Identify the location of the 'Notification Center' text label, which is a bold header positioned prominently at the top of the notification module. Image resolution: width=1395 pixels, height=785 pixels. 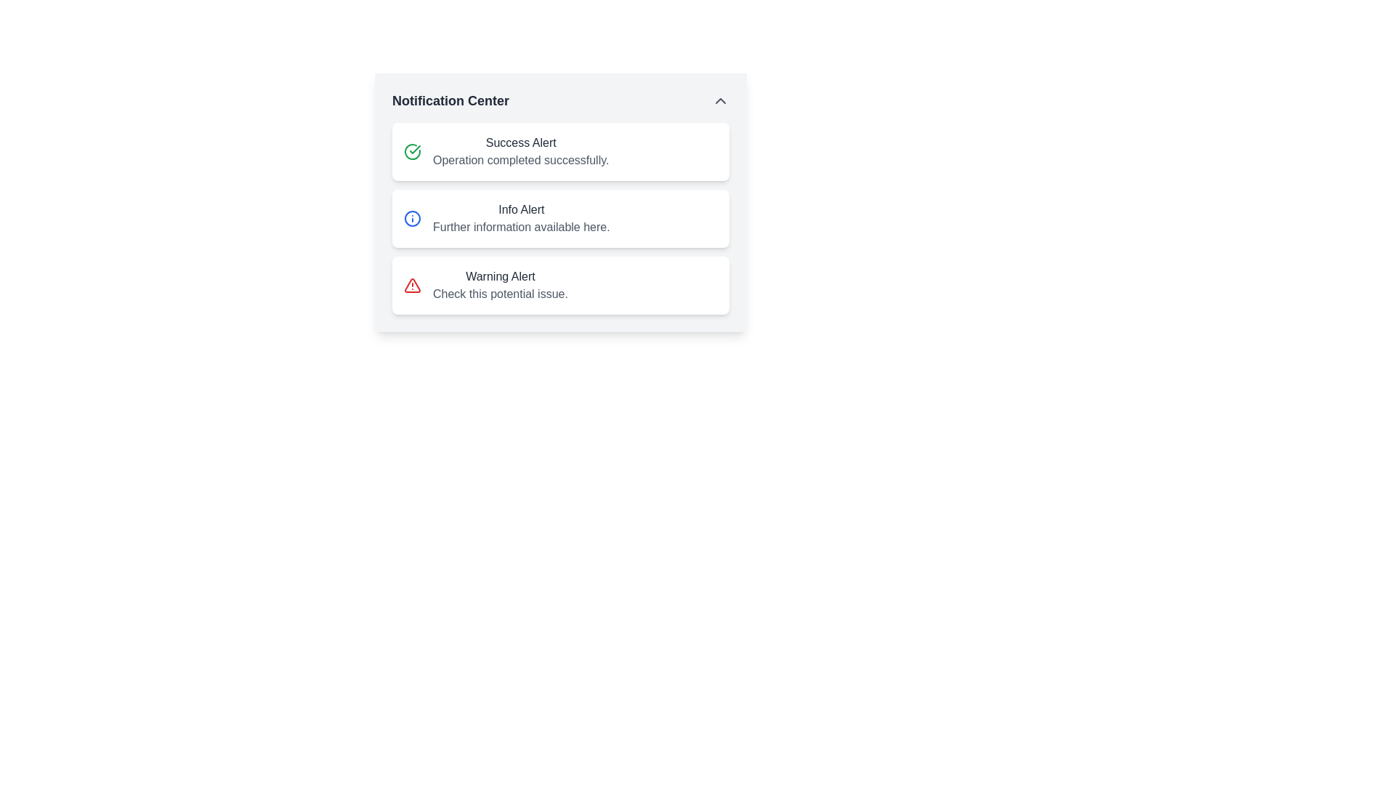
(450, 100).